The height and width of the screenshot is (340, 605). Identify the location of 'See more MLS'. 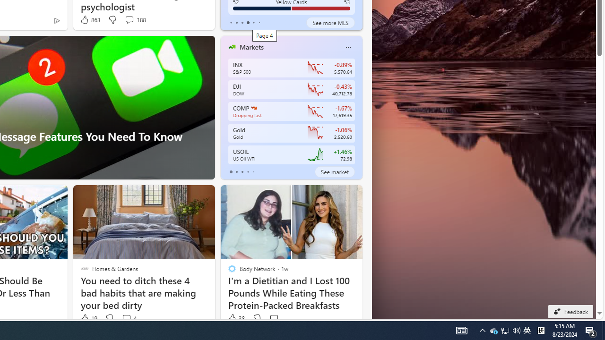
(330, 22).